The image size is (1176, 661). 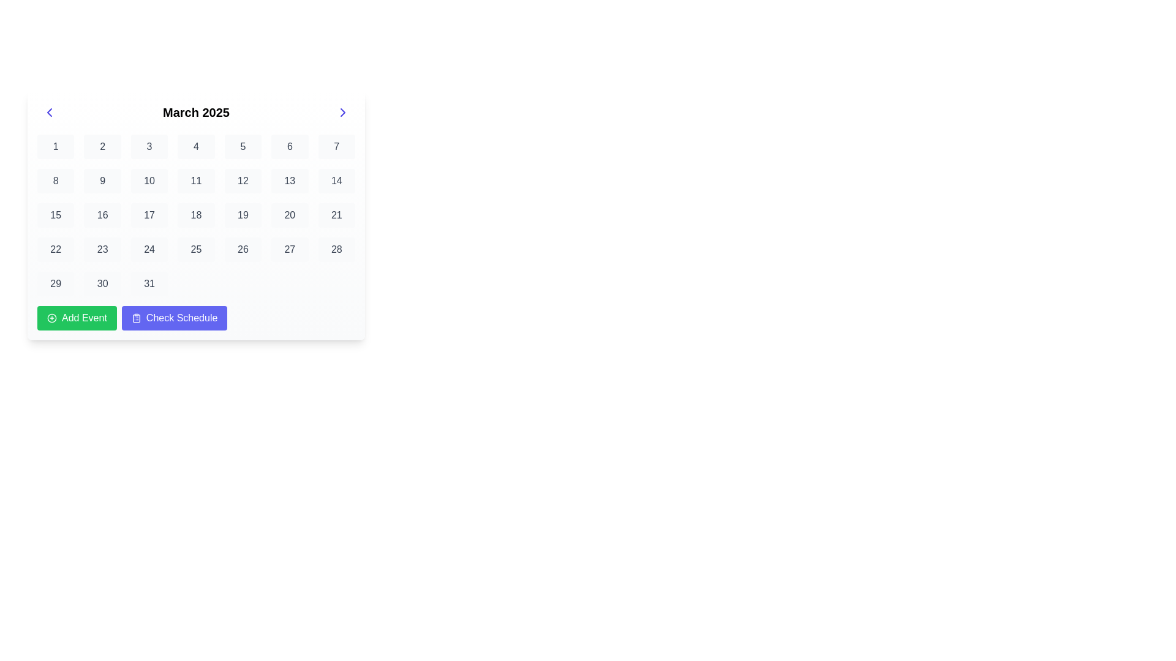 I want to click on the green circular outline component within the 'Add Event' button, so click(x=51, y=318).